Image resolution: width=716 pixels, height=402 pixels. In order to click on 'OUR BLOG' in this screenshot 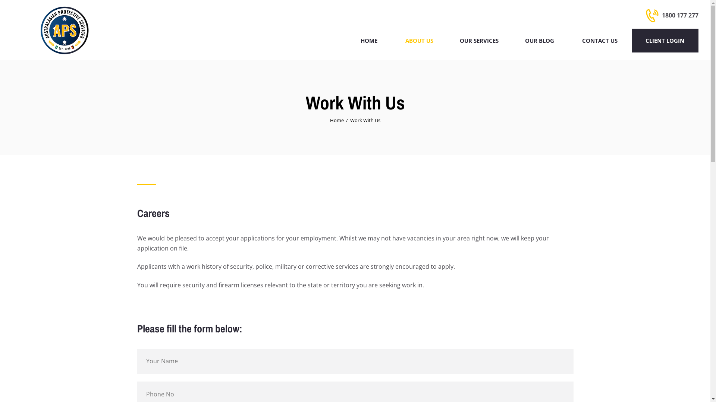, I will do `click(511, 40)`.